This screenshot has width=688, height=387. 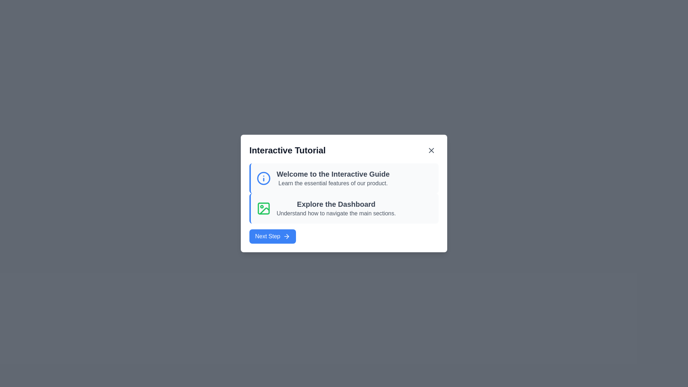 I want to click on the non-interactive text label displaying 'Learn the essential features of our product.' located below the header 'Welcome to the Interactive Guide.', so click(x=333, y=183).